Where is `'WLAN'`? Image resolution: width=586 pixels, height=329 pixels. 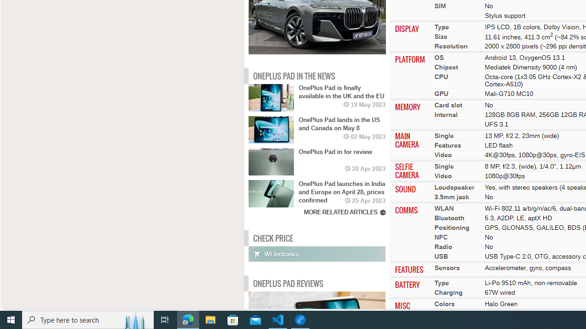 'WLAN' is located at coordinates (444, 208).